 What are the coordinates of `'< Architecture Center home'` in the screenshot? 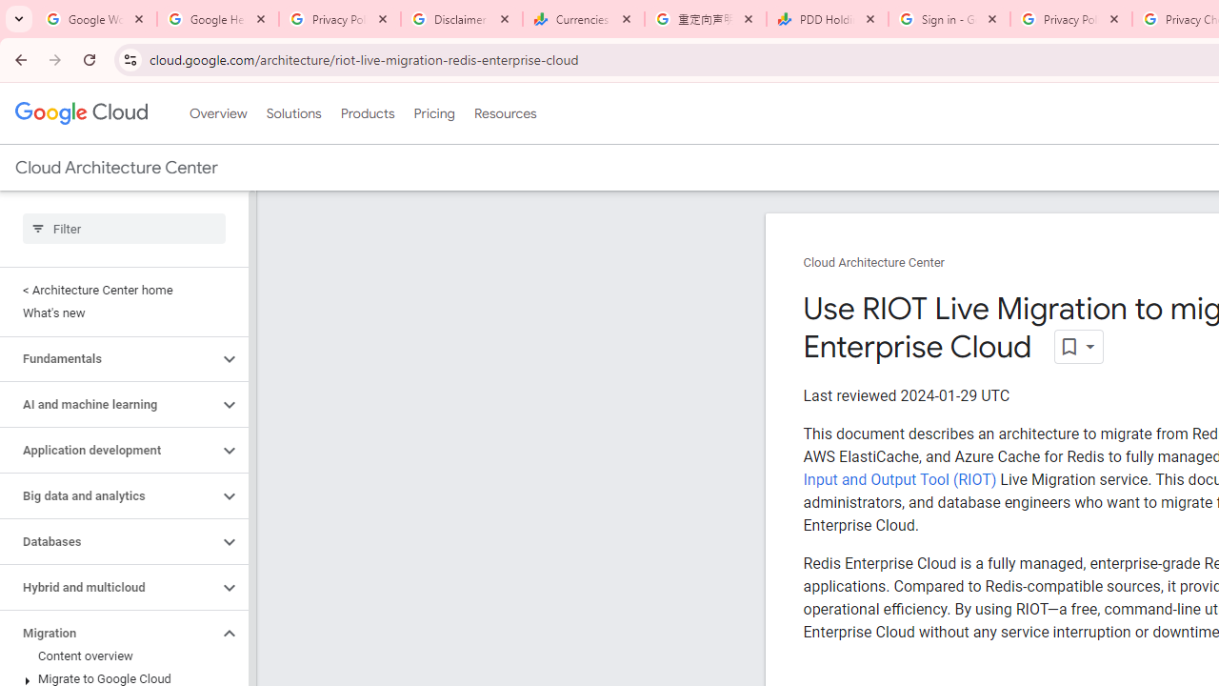 It's located at (119, 290).